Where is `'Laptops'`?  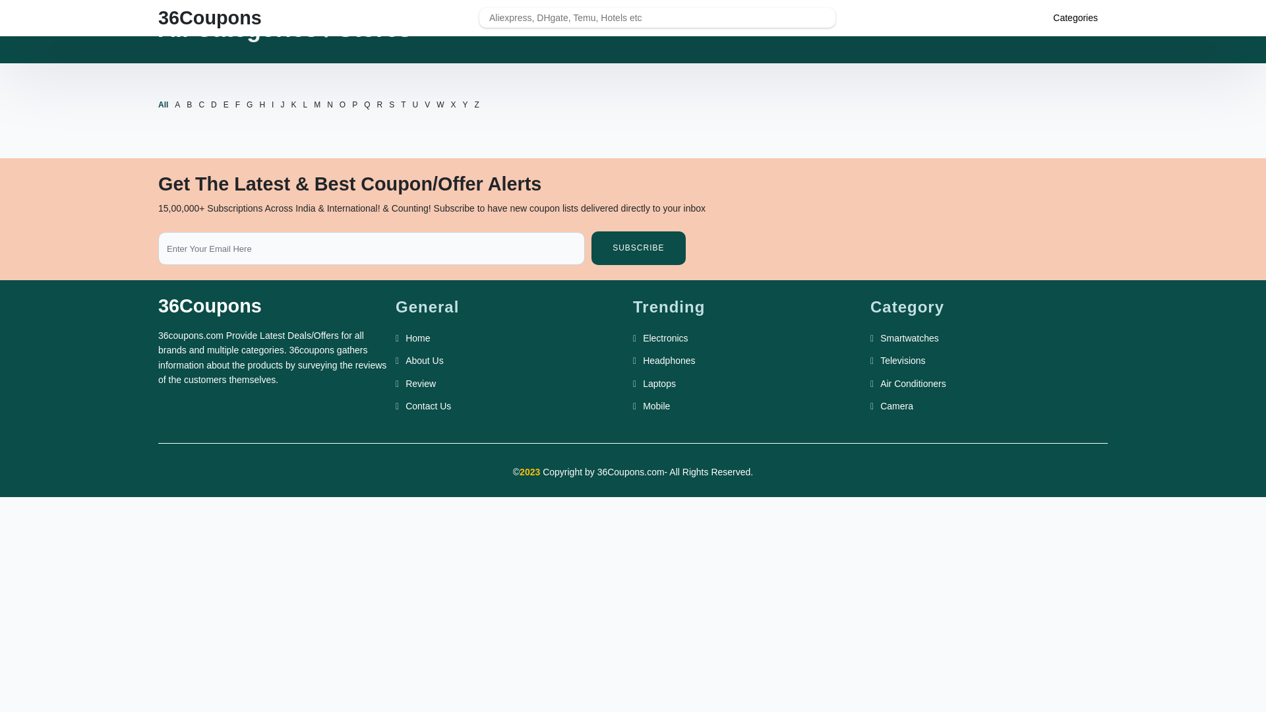
'Laptops' is located at coordinates (659, 384).